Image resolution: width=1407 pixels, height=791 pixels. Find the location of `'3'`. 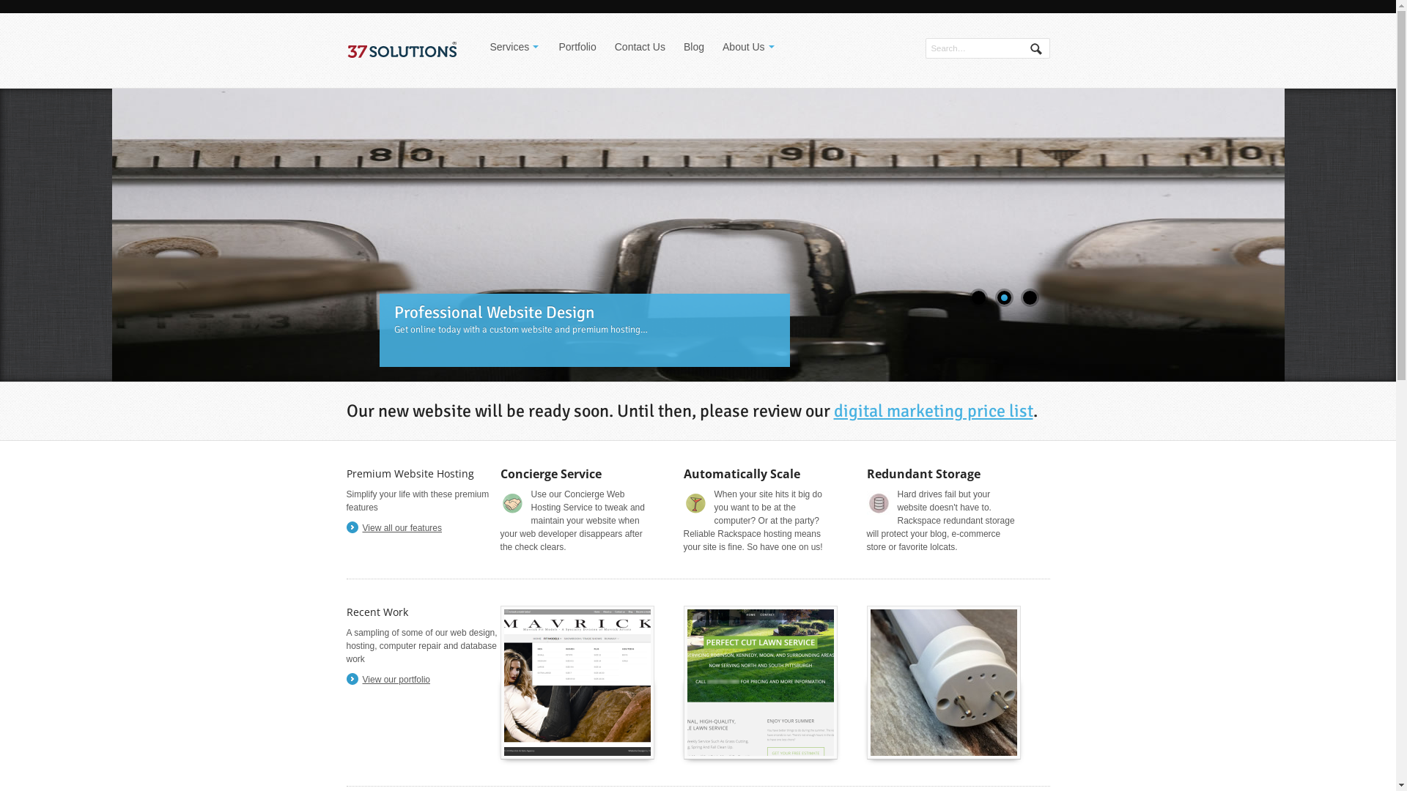

'3' is located at coordinates (1029, 297).